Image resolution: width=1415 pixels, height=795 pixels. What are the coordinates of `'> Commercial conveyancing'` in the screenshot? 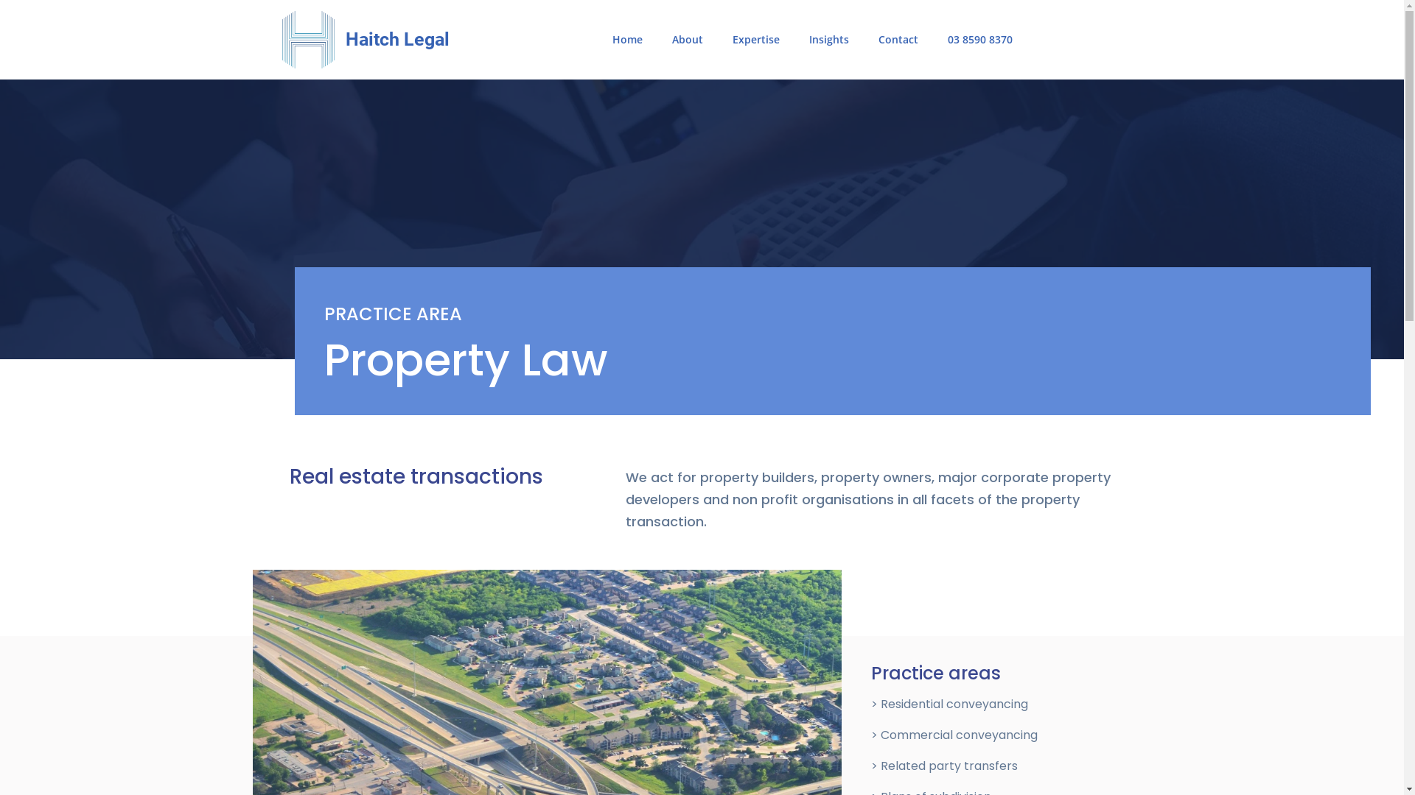 It's located at (954, 735).